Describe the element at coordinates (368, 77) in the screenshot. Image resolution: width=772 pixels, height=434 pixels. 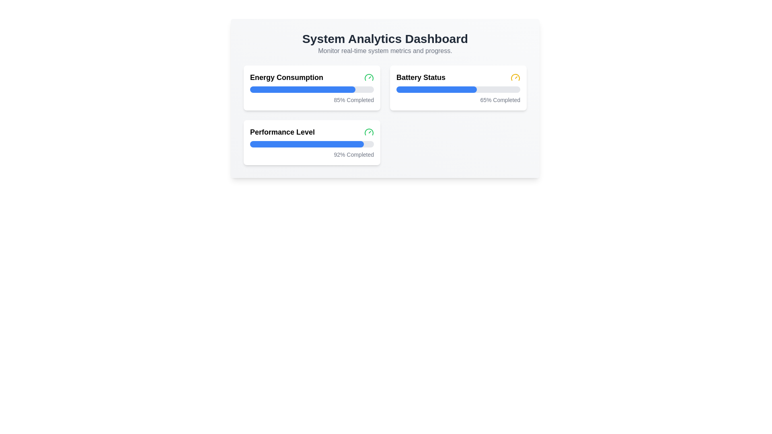
I see `the circular gauge icon with a green outline located in the top-right corner of the 'Energy Consumption' card` at that location.